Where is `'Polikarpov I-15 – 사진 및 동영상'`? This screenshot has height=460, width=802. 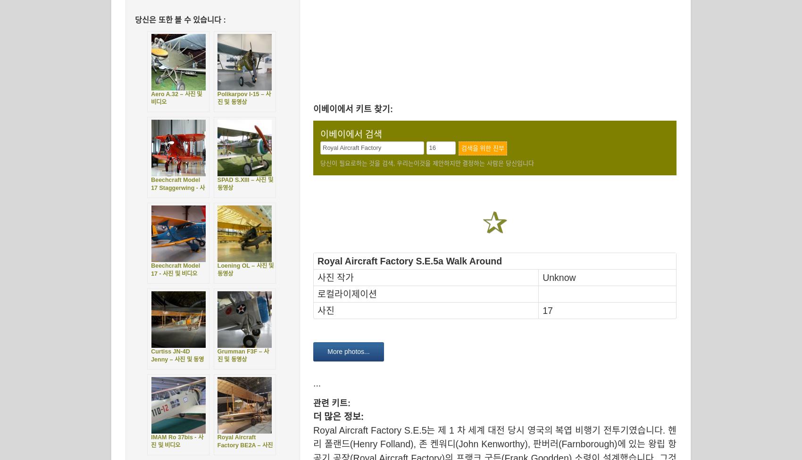 'Polikarpov I-15 – 사진 및 동영상' is located at coordinates (243, 98).